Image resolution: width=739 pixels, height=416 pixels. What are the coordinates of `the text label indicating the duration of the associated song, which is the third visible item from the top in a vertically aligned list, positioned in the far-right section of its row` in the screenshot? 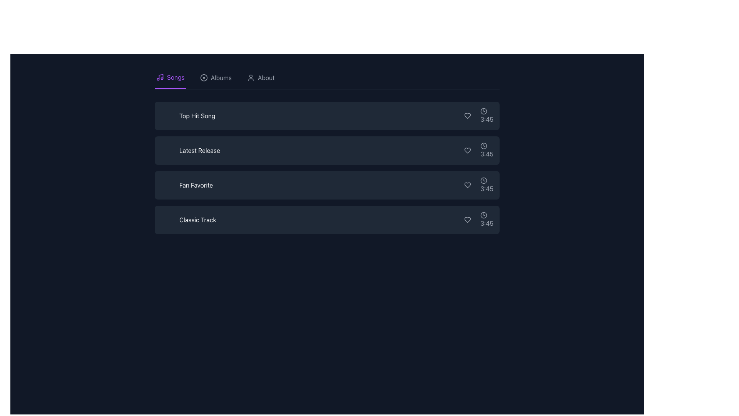 It's located at (487, 150).